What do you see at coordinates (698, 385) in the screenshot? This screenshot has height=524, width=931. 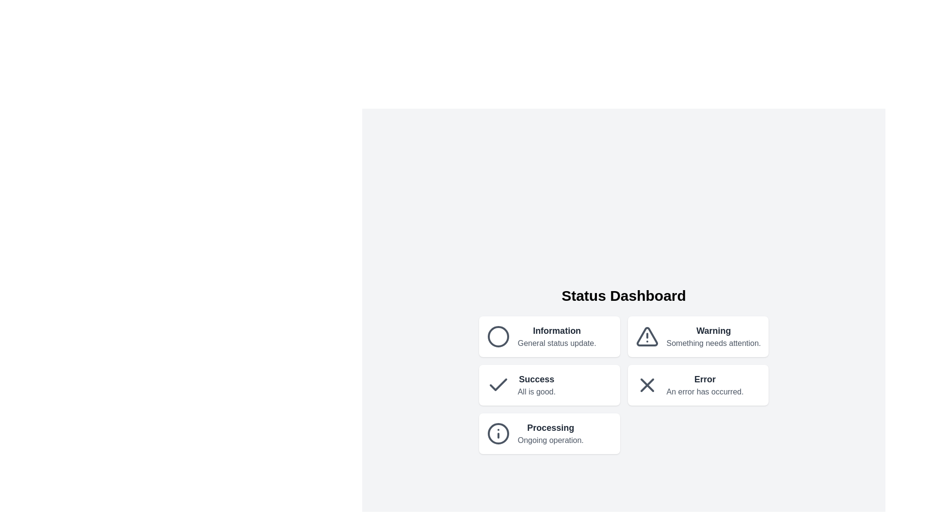 I see `contents of the Notification Card located in the bottom-right corner of the grid layout, which has a white background, rounded corners, and contains a cross icon on the left` at bounding box center [698, 385].